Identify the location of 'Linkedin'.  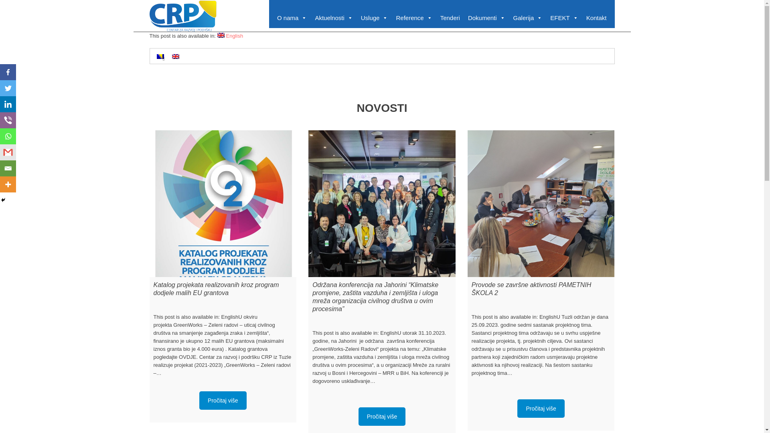
(8, 103).